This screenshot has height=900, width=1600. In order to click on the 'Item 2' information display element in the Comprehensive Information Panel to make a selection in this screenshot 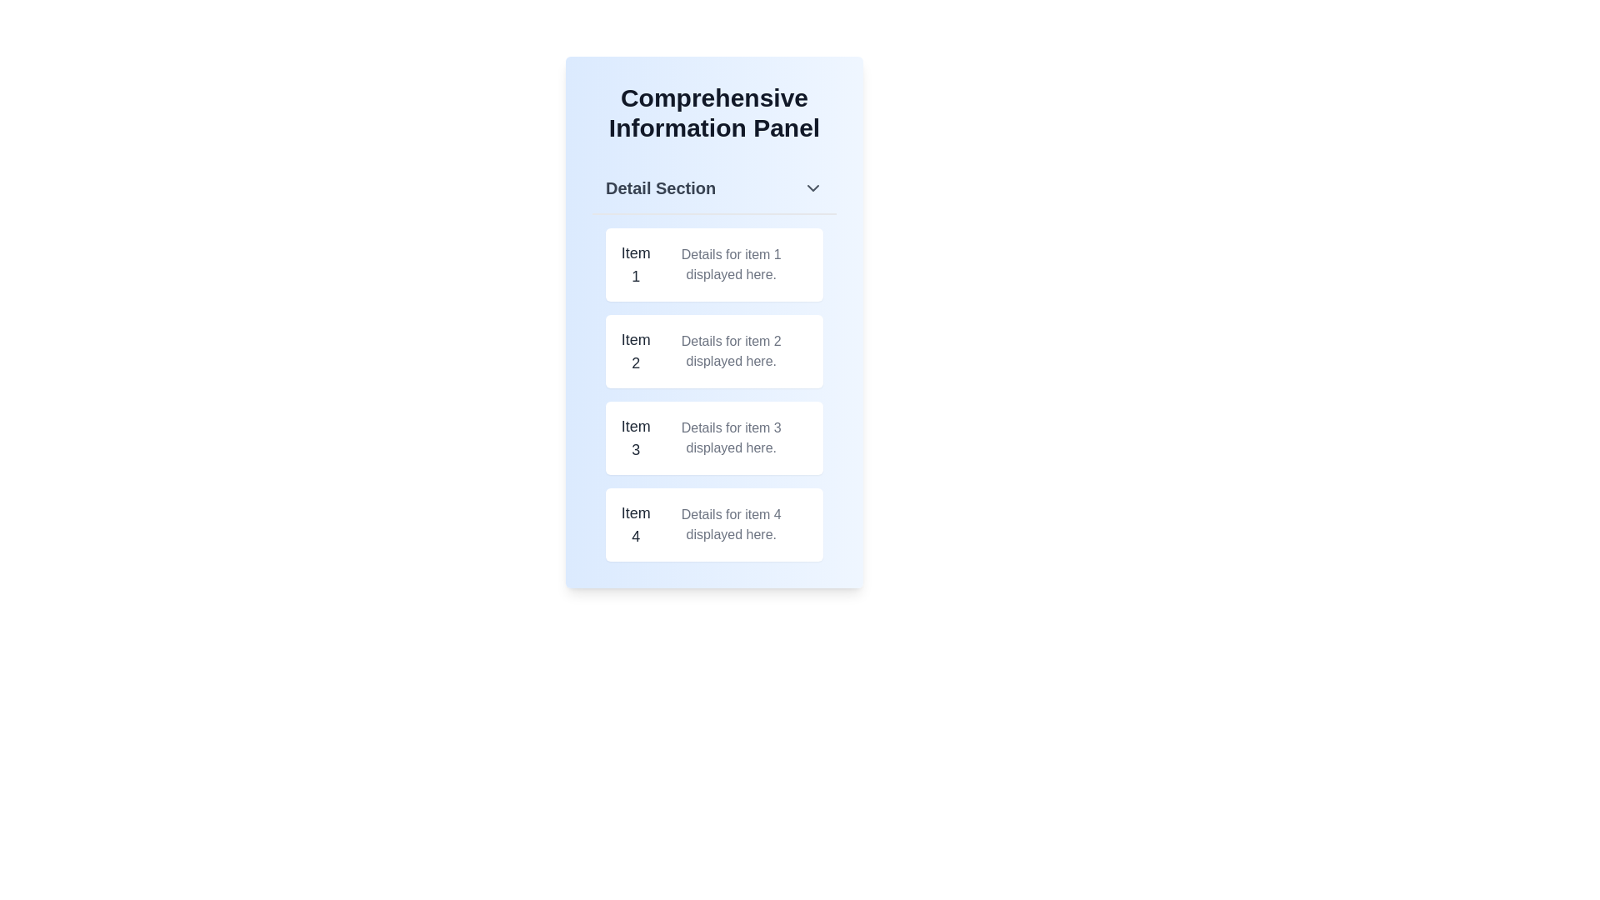, I will do `click(714, 350)`.